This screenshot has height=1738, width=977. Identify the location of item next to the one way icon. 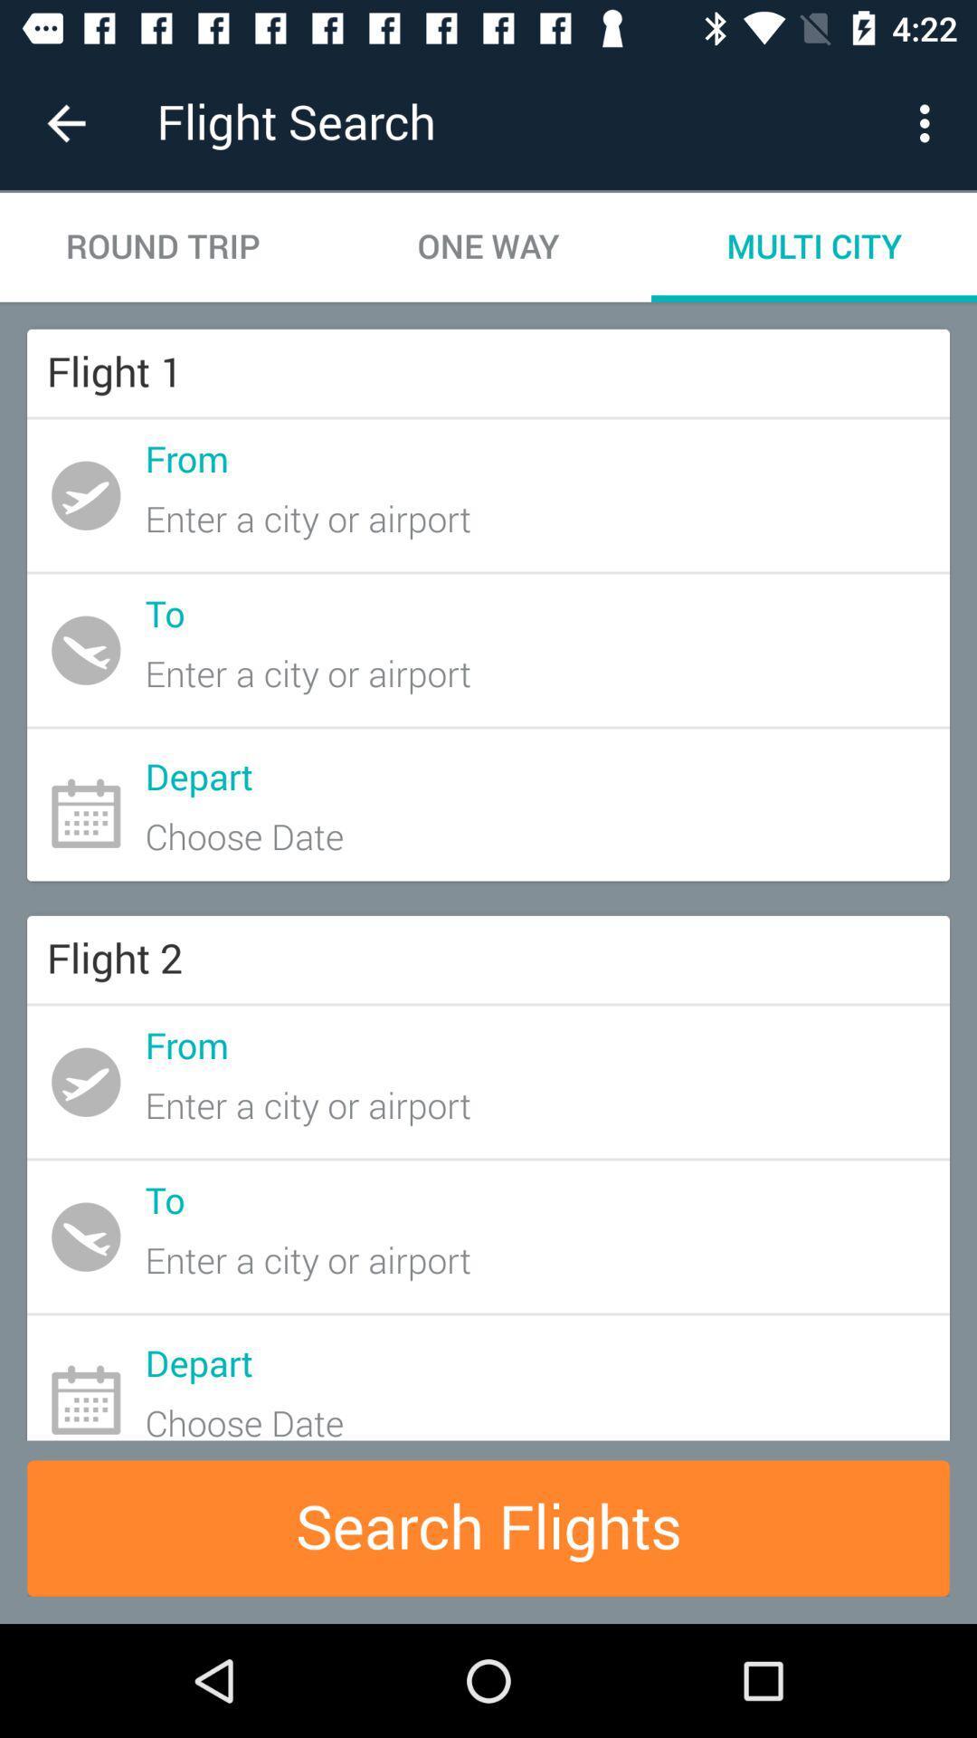
(163, 246).